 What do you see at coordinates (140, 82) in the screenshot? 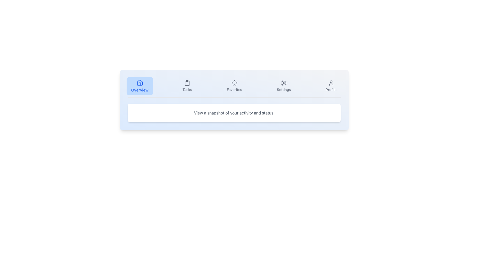
I see `the house icon located at the top of the Overview button in the horizontal navigation bar` at bounding box center [140, 82].